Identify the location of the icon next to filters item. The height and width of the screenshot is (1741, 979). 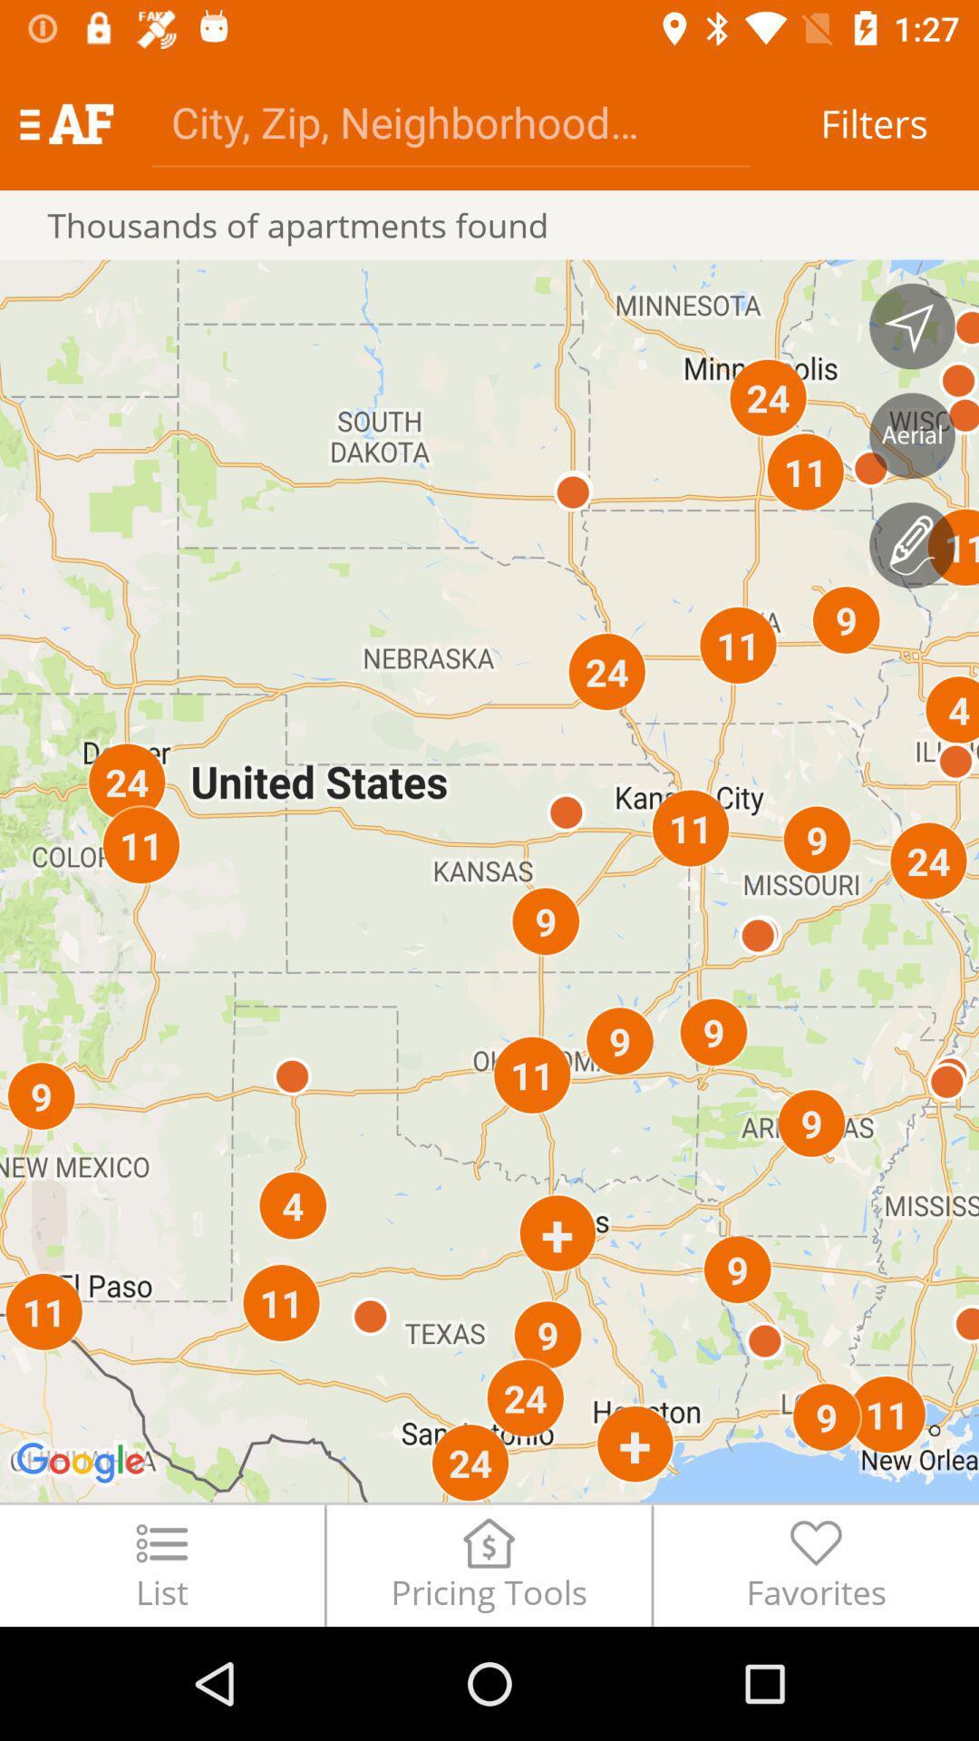
(450, 121).